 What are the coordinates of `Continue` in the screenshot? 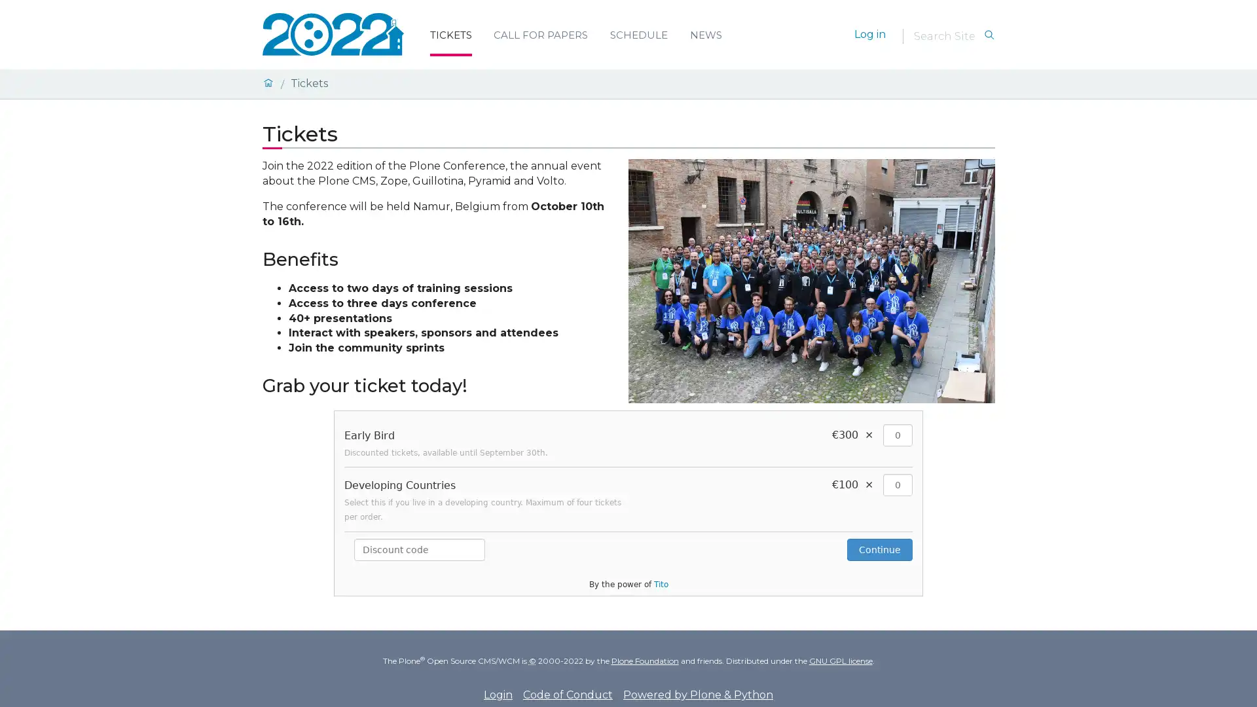 It's located at (880, 550).